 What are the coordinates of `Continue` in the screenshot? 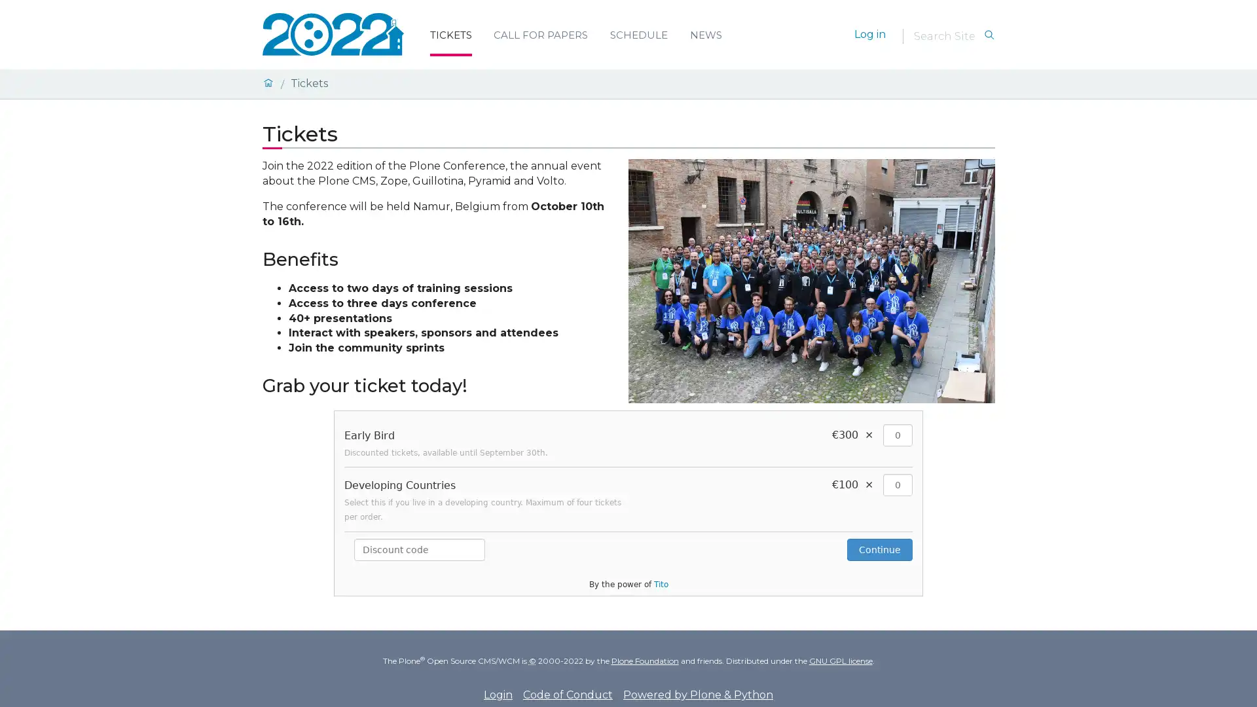 It's located at (880, 550).